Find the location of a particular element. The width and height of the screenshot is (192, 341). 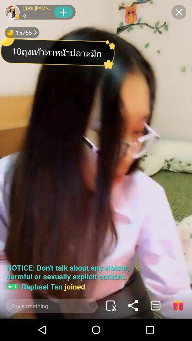

the text which is below the text harmful or sexually explicit content is located at coordinates (46, 286).